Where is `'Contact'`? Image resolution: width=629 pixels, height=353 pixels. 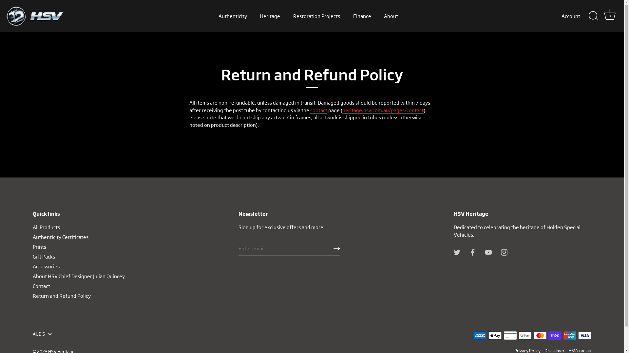 'Contact' is located at coordinates (41, 285).